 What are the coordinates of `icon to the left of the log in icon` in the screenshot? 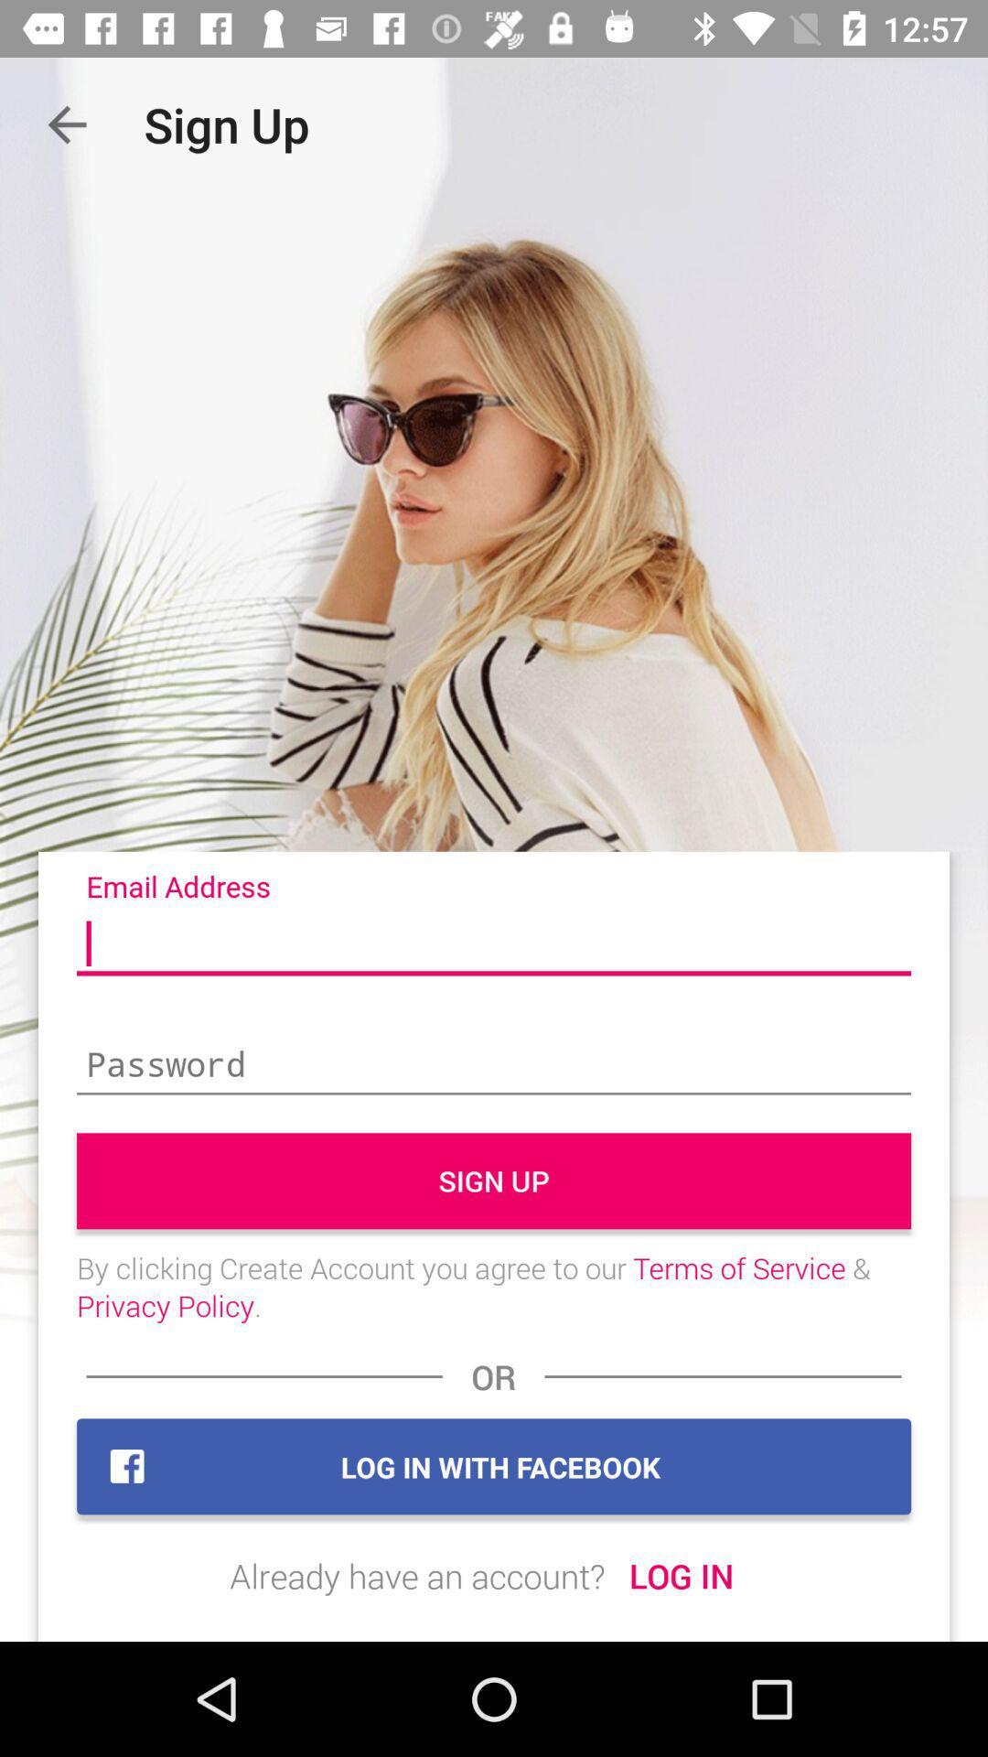 It's located at (417, 1575).